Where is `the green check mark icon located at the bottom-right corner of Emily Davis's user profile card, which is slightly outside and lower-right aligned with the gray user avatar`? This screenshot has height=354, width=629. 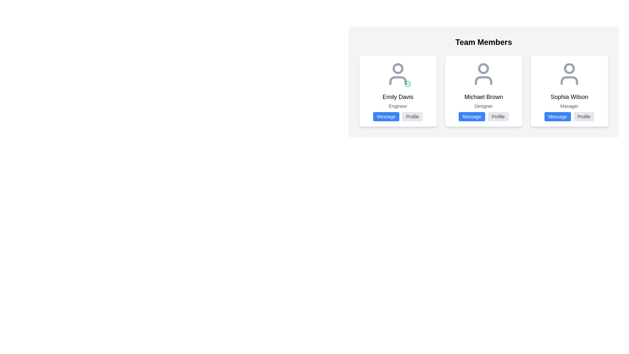 the green check mark icon located at the bottom-right corner of Emily Davis's user profile card, which is slightly outside and lower-right aligned with the gray user avatar is located at coordinates (407, 83).